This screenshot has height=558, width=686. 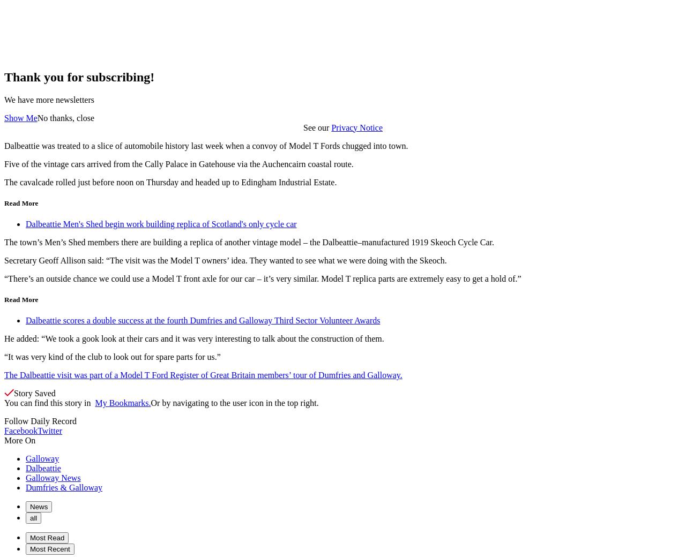 I want to click on 'Show Me', so click(x=20, y=117).